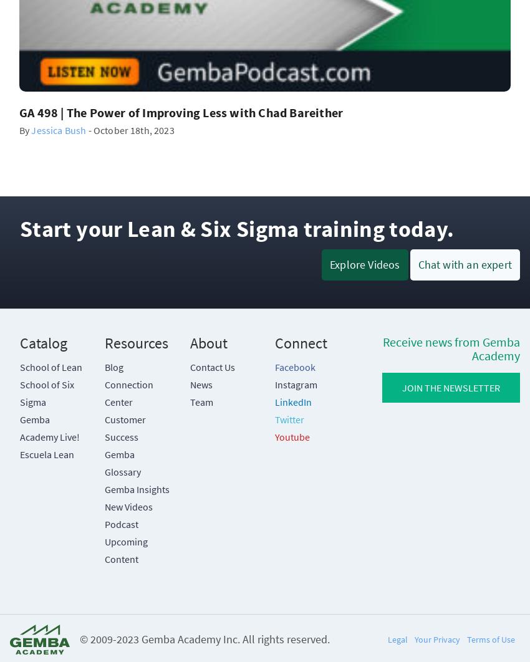 The image size is (530, 662). Describe the element at coordinates (208, 343) in the screenshot. I see `'About'` at that location.